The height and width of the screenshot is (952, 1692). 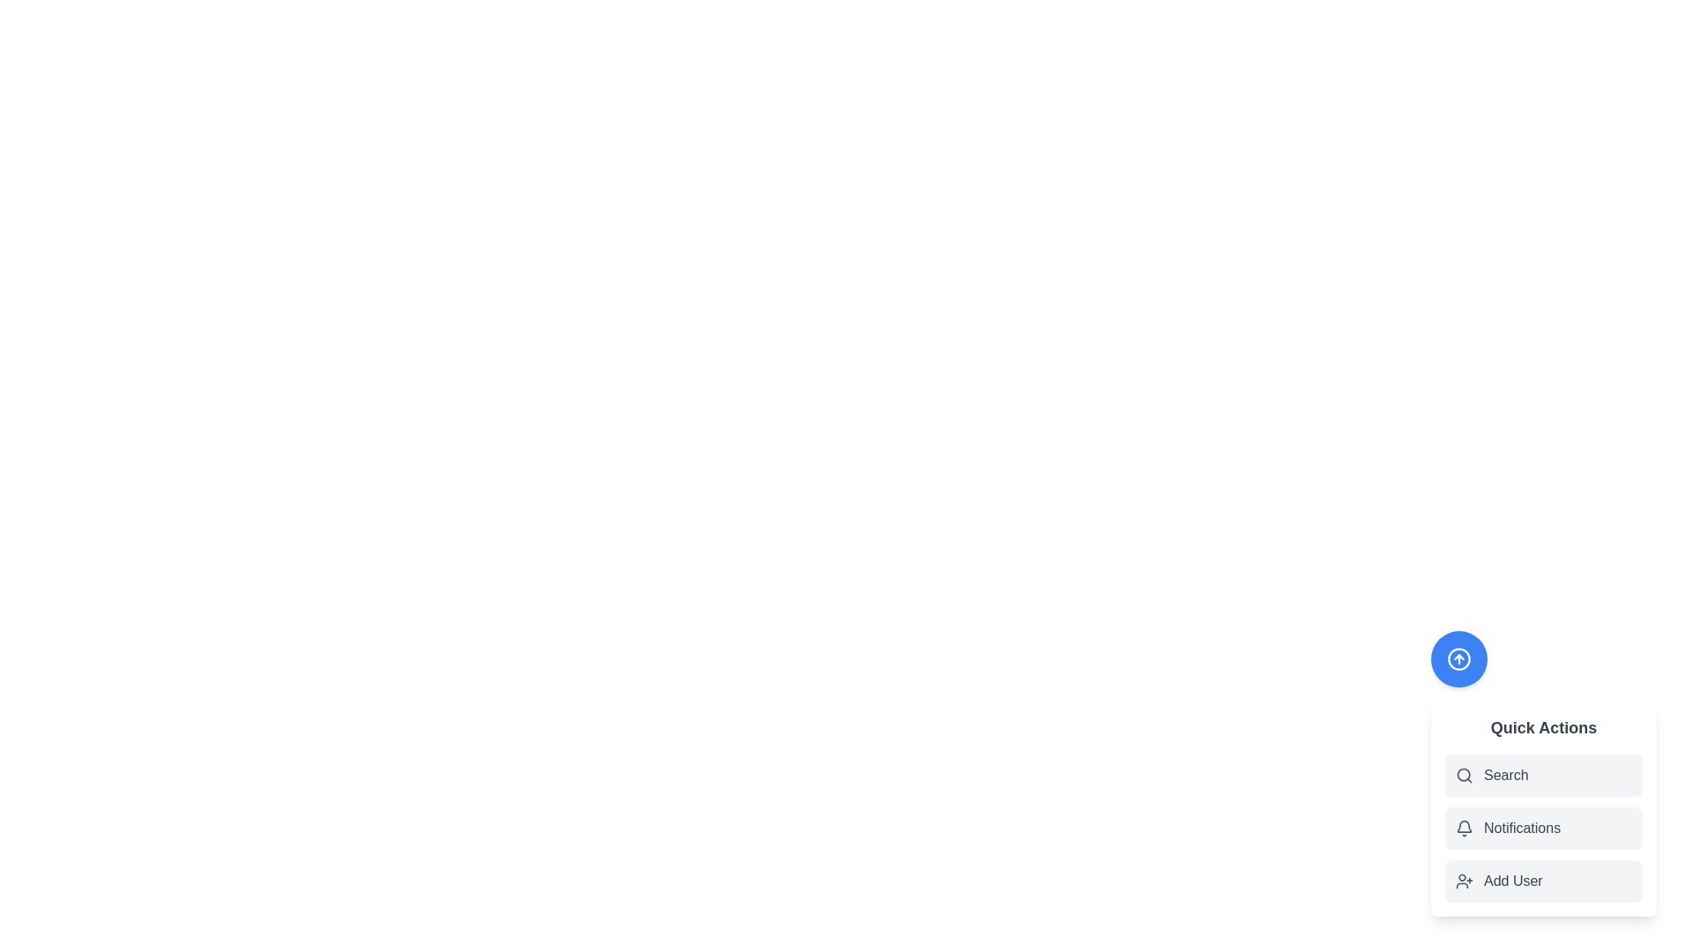 What do you see at coordinates (1464, 826) in the screenshot?
I see `the notification icon` at bounding box center [1464, 826].